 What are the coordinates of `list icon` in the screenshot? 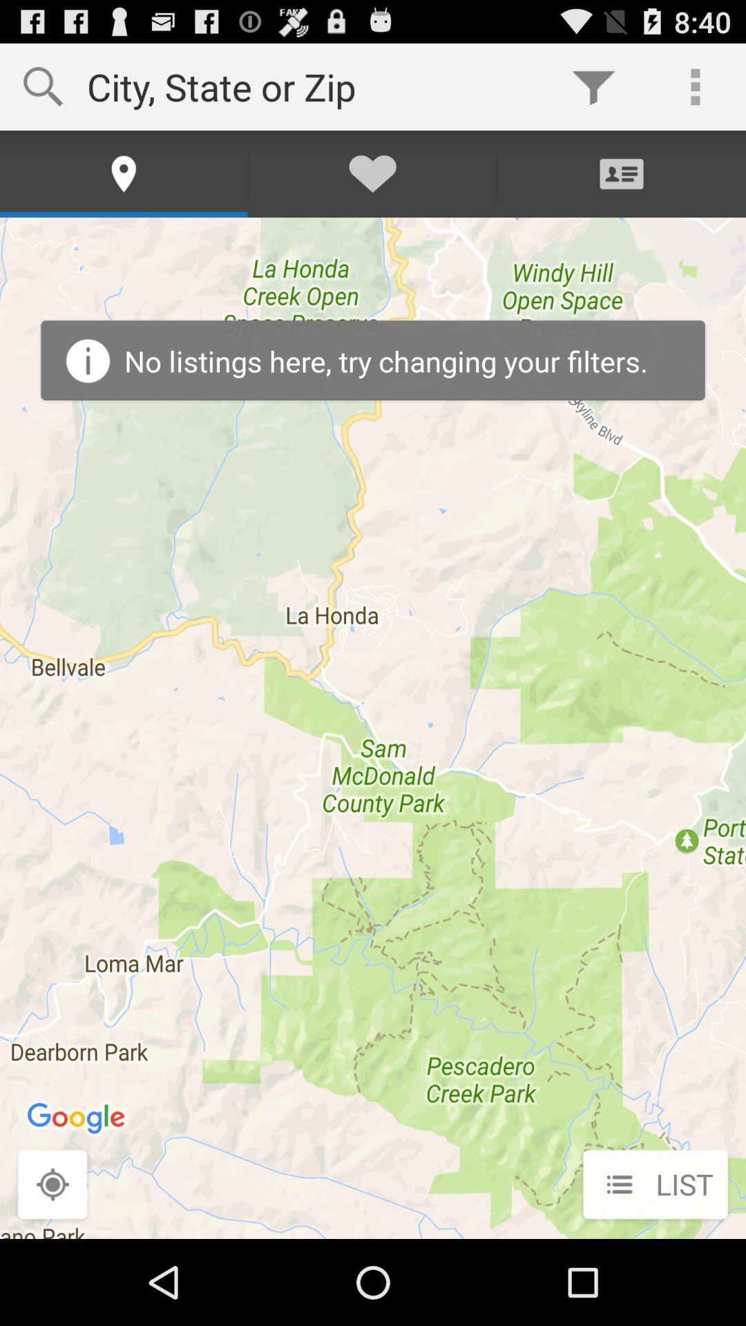 It's located at (655, 1185).